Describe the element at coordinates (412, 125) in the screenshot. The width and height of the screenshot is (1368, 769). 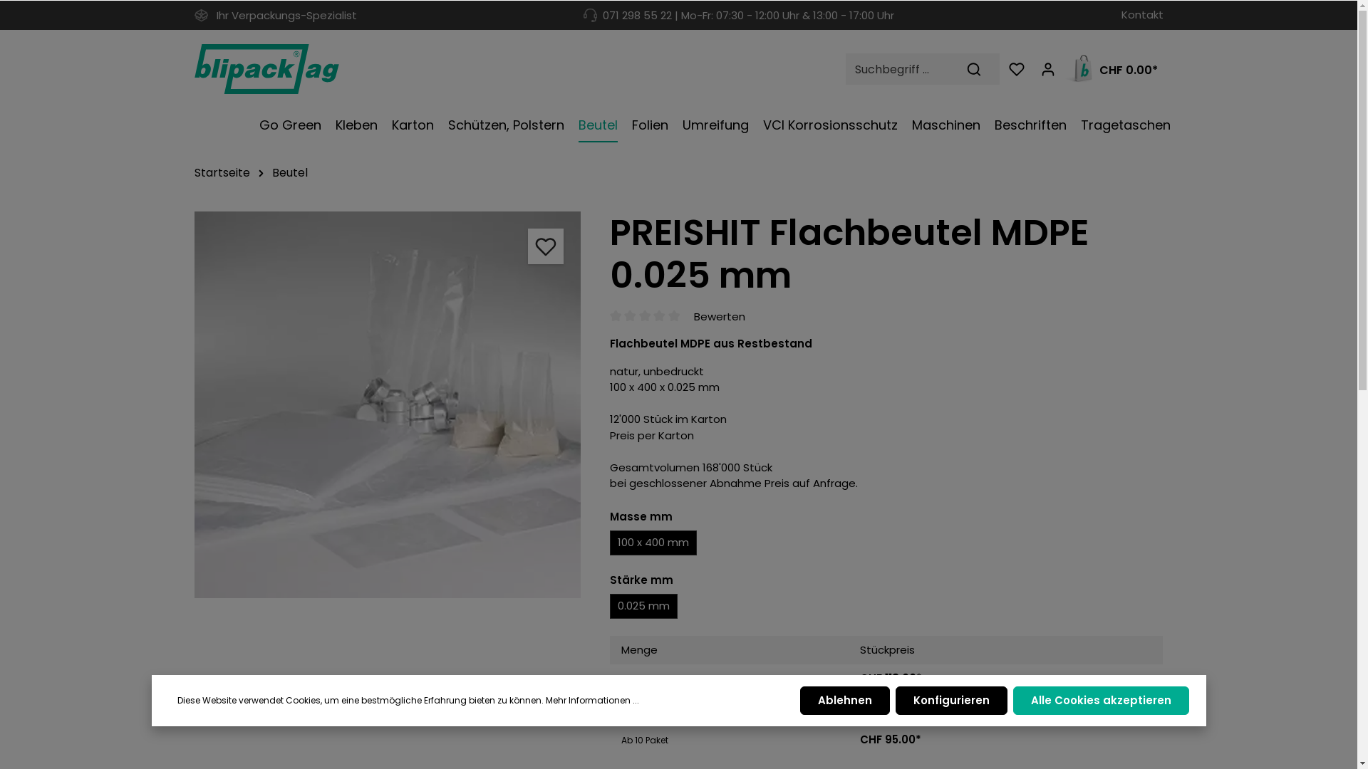
I see `'Karton'` at that location.